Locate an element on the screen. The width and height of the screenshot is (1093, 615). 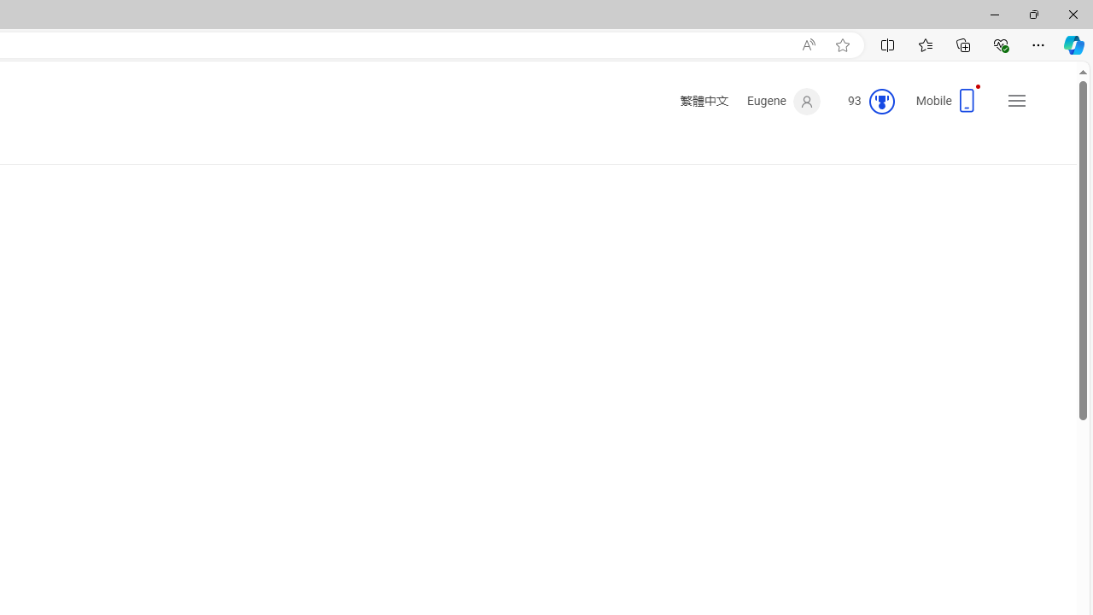
'Settings and quick links' is located at coordinates (1017, 101).